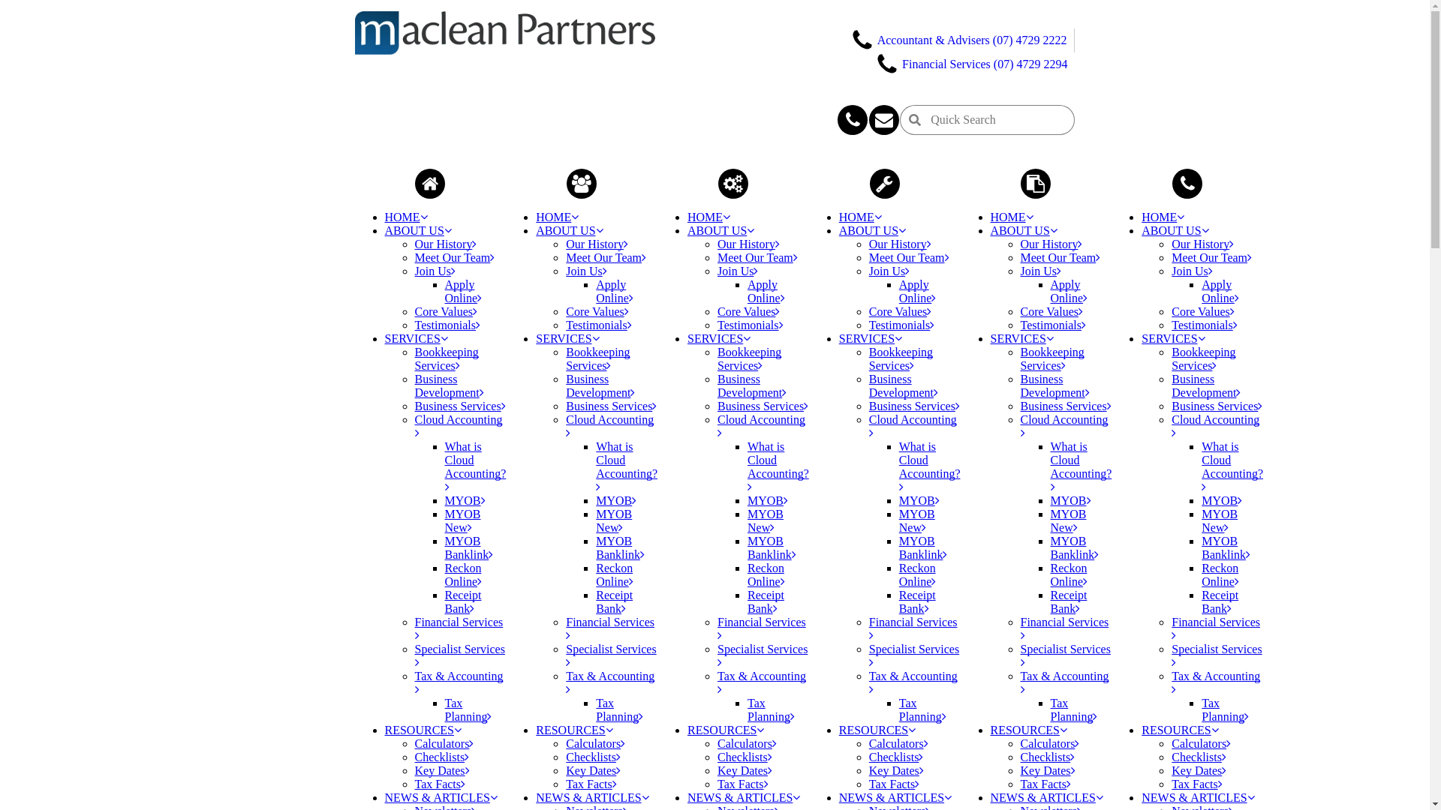 The image size is (1441, 810). Describe the element at coordinates (1191, 271) in the screenshot. I see `'Join Us'` at that location.